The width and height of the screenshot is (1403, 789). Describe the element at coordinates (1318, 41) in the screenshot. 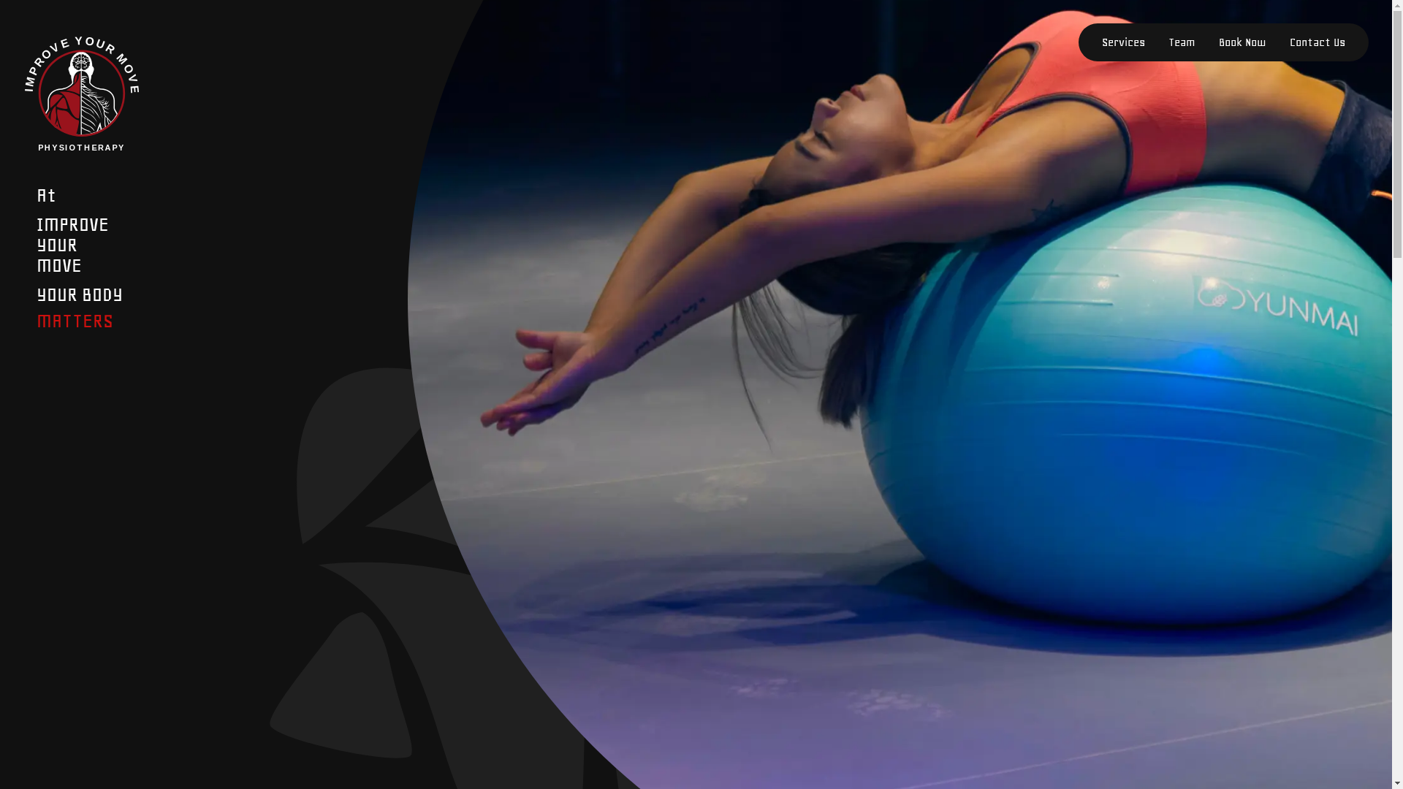

I see `'Contact Us'` at that location.